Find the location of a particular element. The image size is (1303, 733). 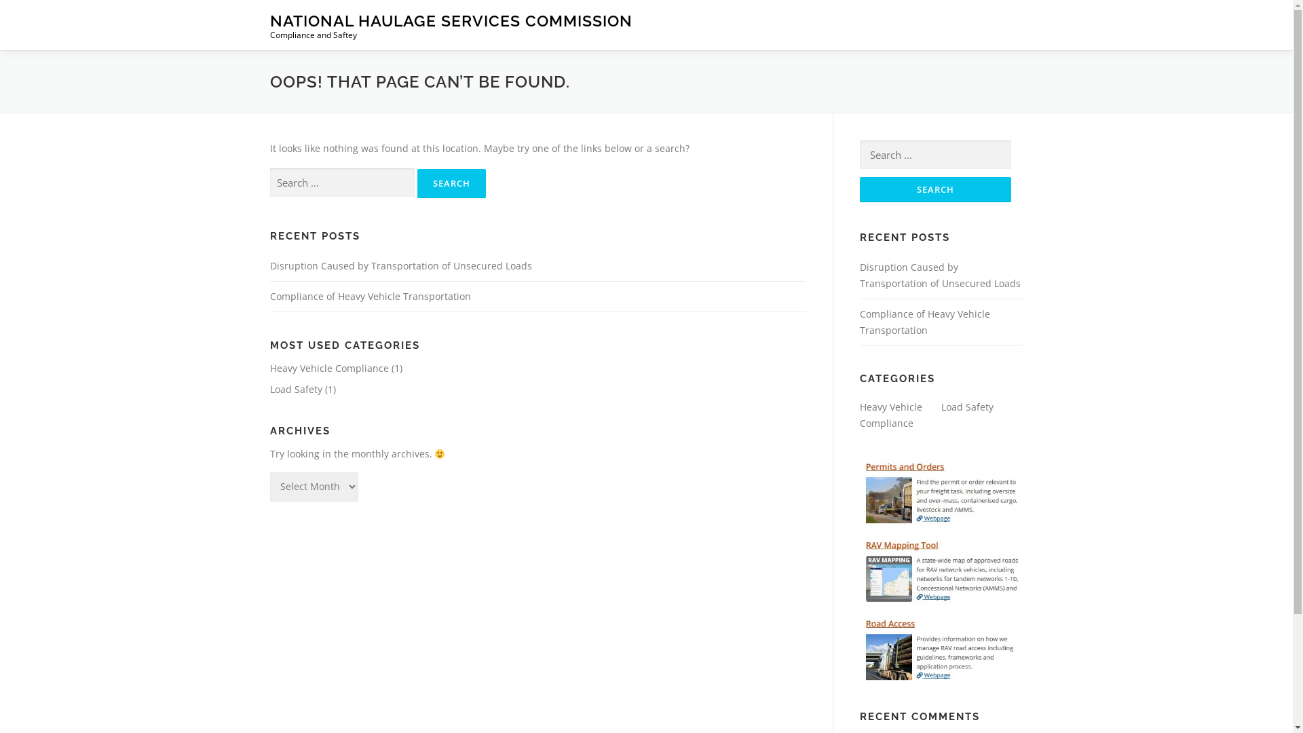

'Disruption Caused by Transportation of Unsecured Loads' is located at coordinates (939, 275).